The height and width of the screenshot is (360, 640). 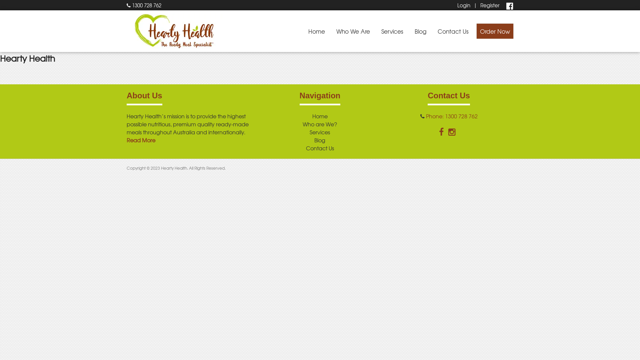 I want to click on 'Home', so click(x=312, y=115).